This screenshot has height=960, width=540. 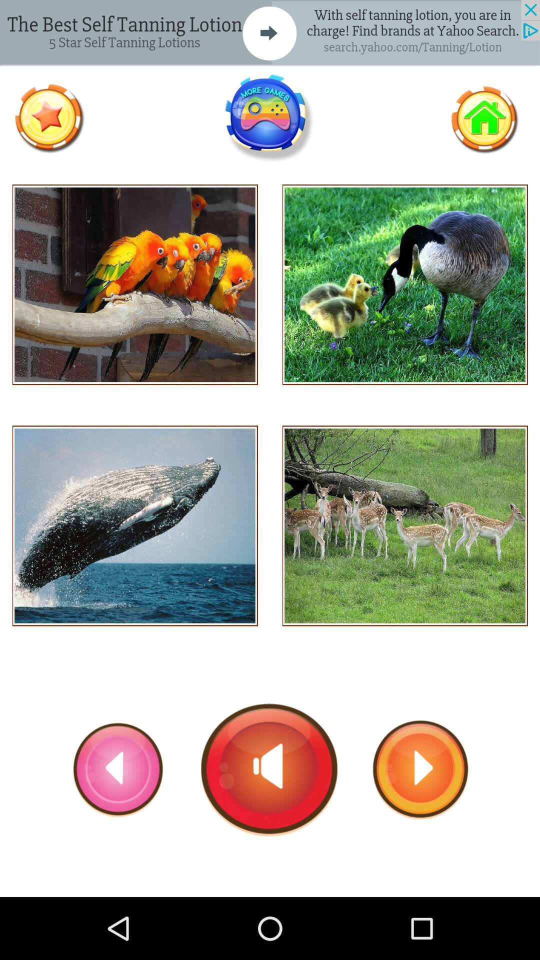 What do you see at coordinates (135, 284) in the screenshot?
I see `photo` at bounding box center [135, 284].